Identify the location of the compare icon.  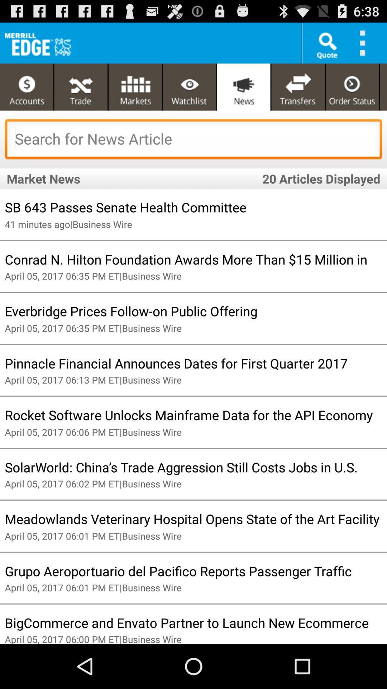
(298, 93).